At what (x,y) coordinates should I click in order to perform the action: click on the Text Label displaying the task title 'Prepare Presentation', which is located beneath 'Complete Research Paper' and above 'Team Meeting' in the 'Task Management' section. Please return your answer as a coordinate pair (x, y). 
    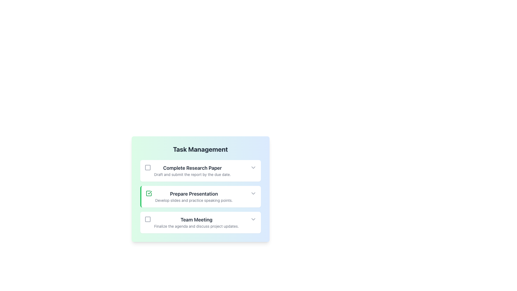
    Looking at the image, I should click on (194, 194).